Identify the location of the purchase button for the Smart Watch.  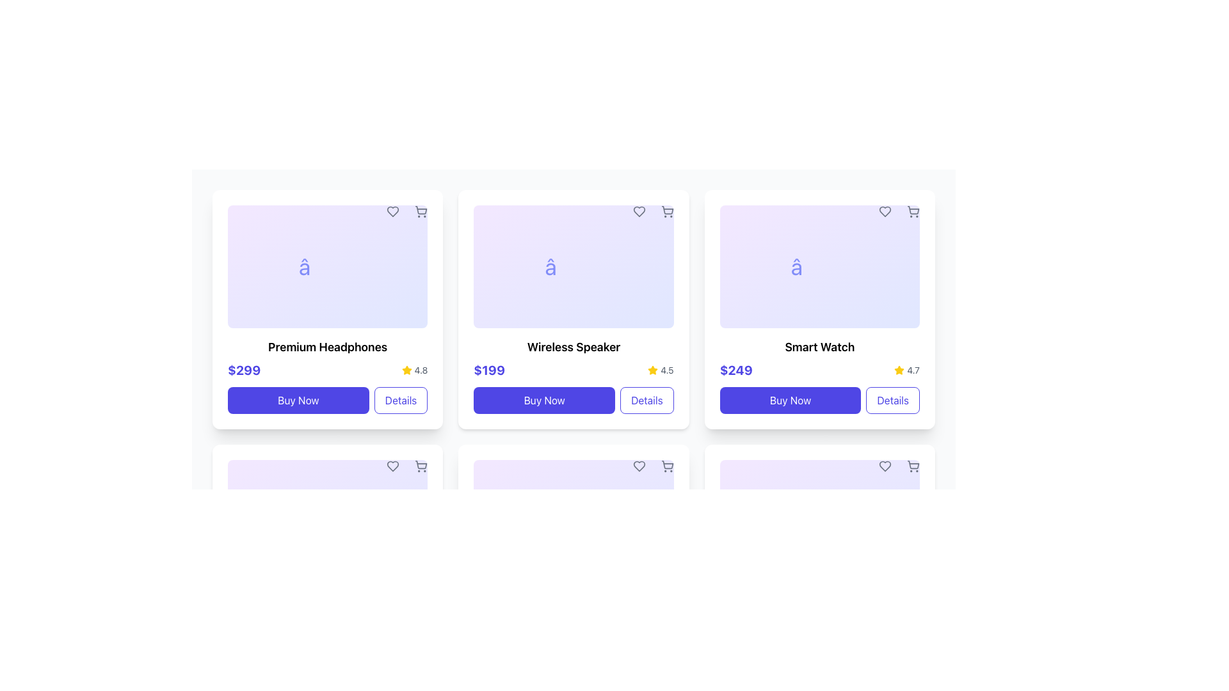
(789, 399).